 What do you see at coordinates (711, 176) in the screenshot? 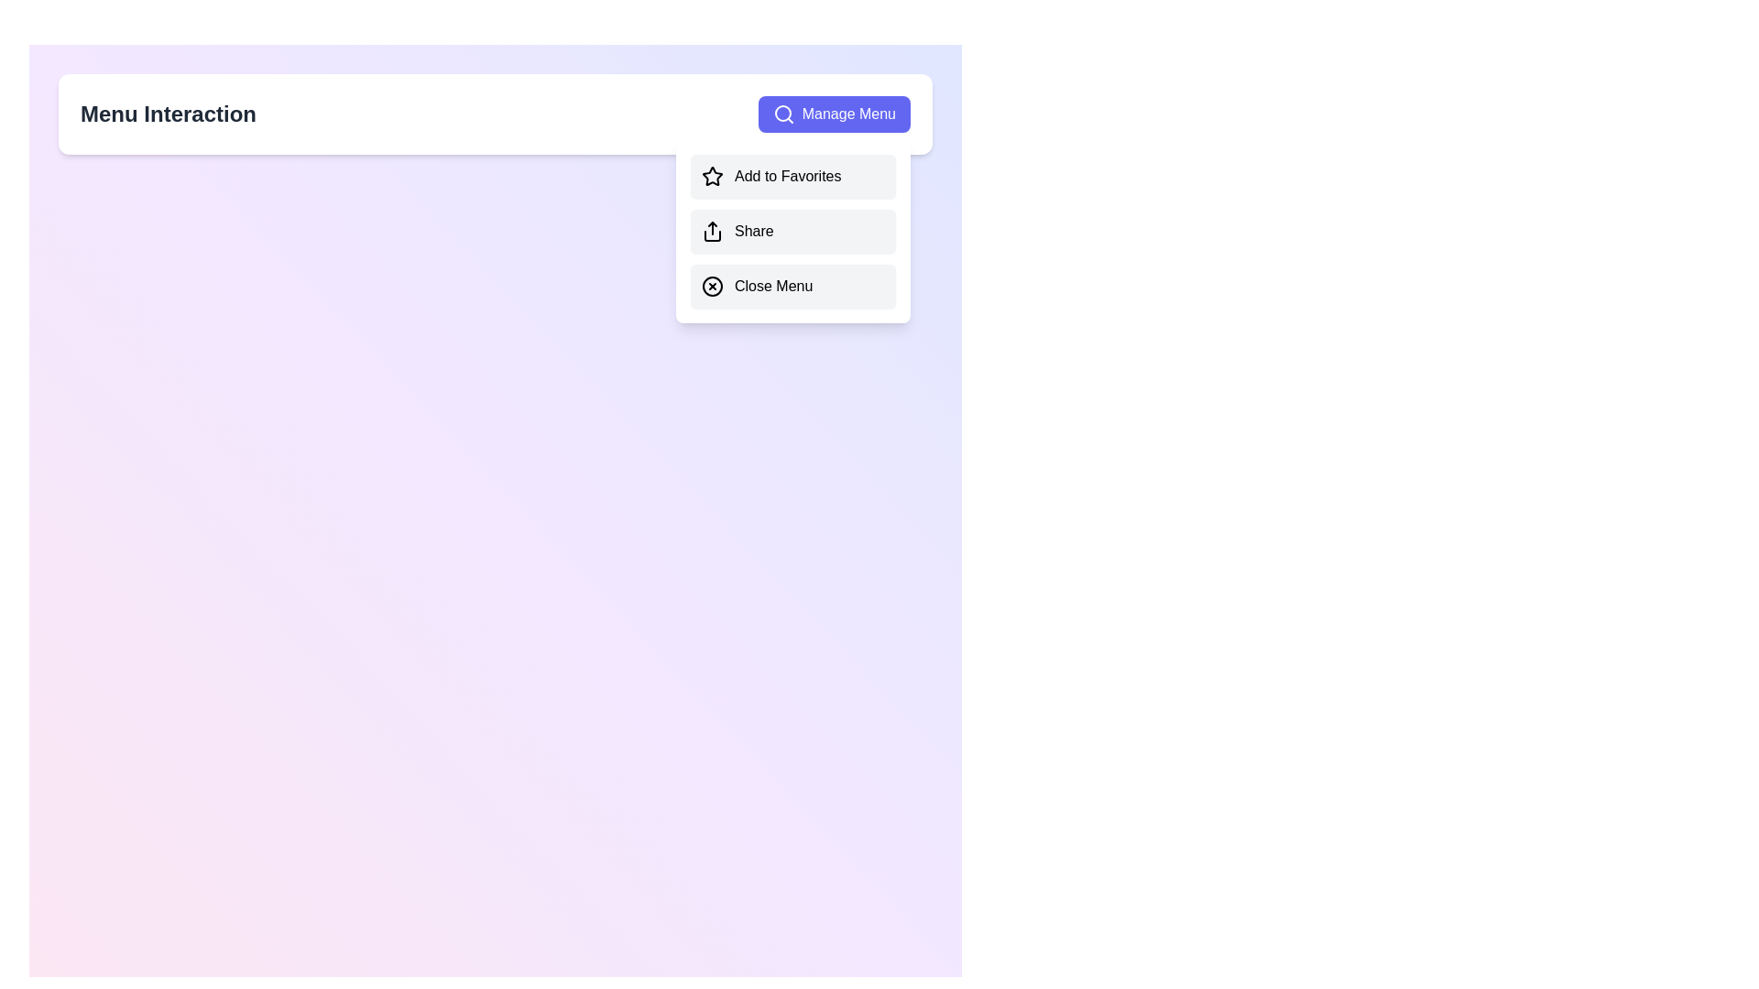
I see `the star icon located at the top of the dropdown menu near the text 'Add to Favorites' to mark the item as a favorite` at bounding box center [711, 176].